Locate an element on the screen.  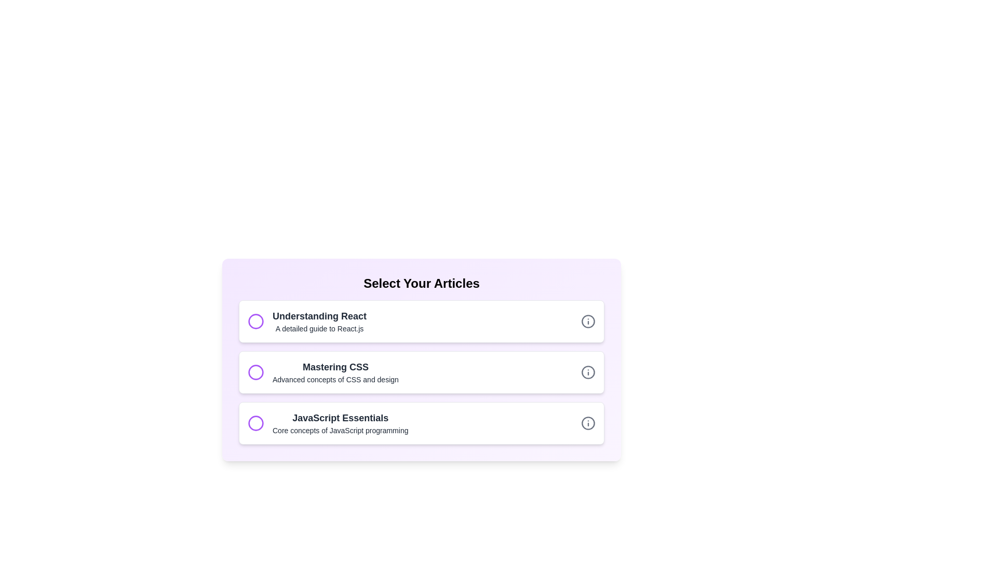
the info icon for the article titled 'JavaScript Essentials' is located at coordinates (588, 423).